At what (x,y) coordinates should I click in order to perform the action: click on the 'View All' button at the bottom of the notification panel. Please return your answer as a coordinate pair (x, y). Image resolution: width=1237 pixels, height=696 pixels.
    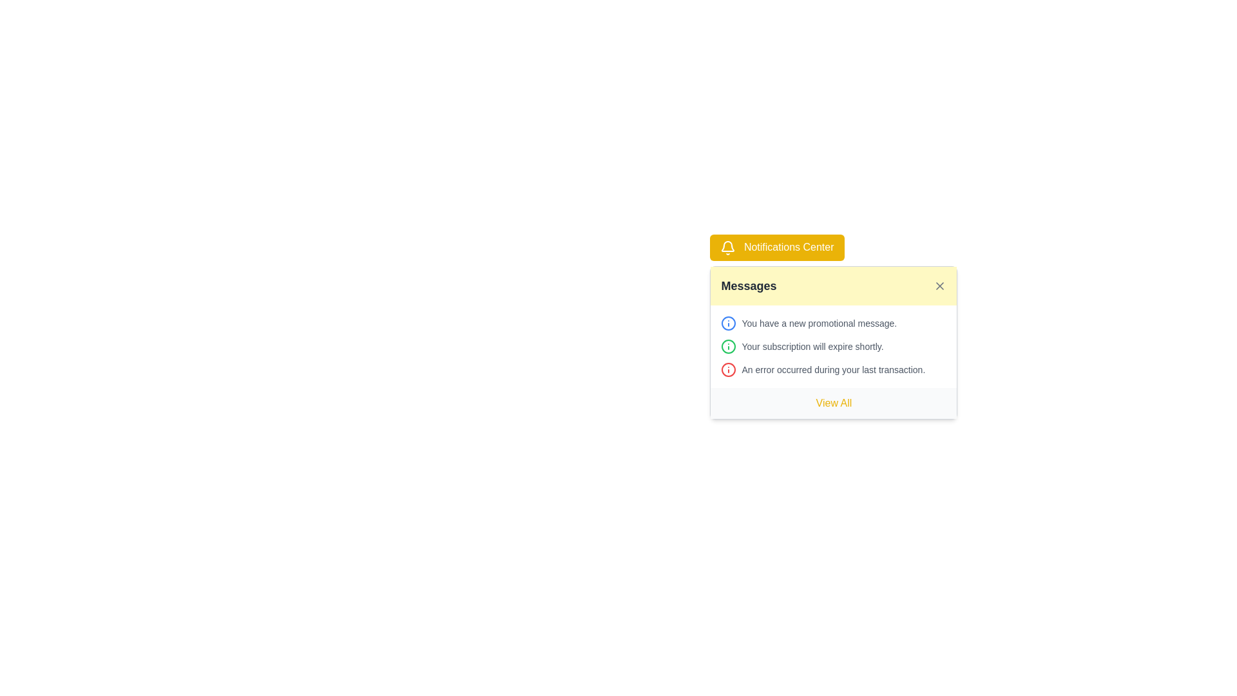
    Looking at the image, I should click on (834, 402).